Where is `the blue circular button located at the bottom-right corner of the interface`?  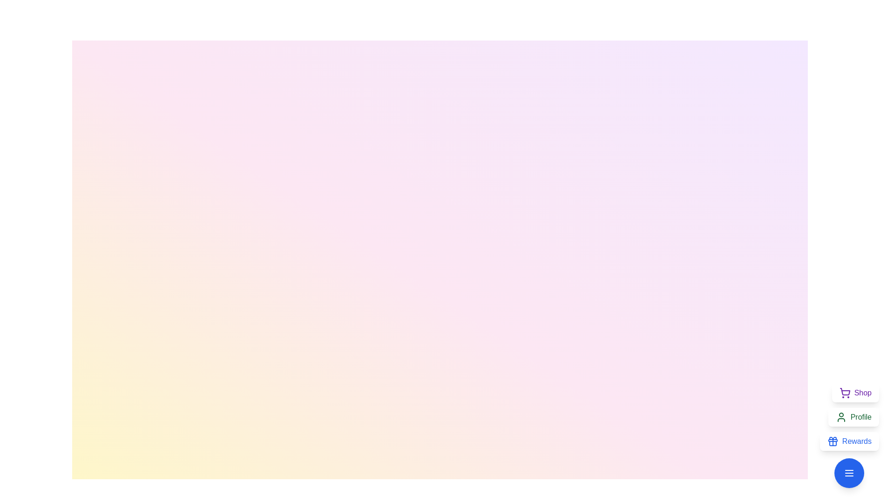
the blue circular button located at the bottom-right corner of the interface is located at coordinates (849, 473).